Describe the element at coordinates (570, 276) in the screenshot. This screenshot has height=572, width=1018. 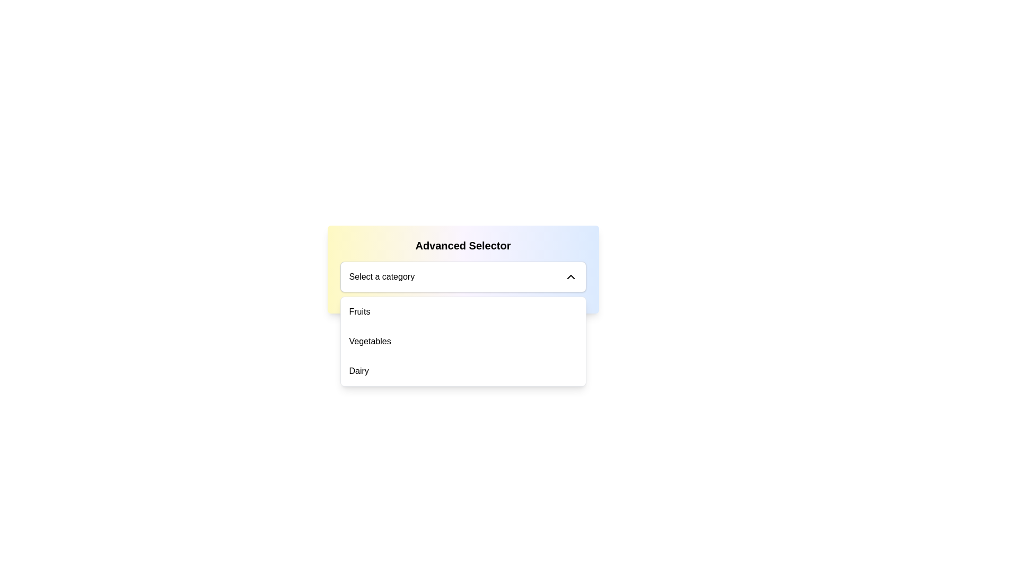
I see `the upward-pointing chevron arrow icon located to the far right inside the 'Select a category' dropdown menu` at that location.